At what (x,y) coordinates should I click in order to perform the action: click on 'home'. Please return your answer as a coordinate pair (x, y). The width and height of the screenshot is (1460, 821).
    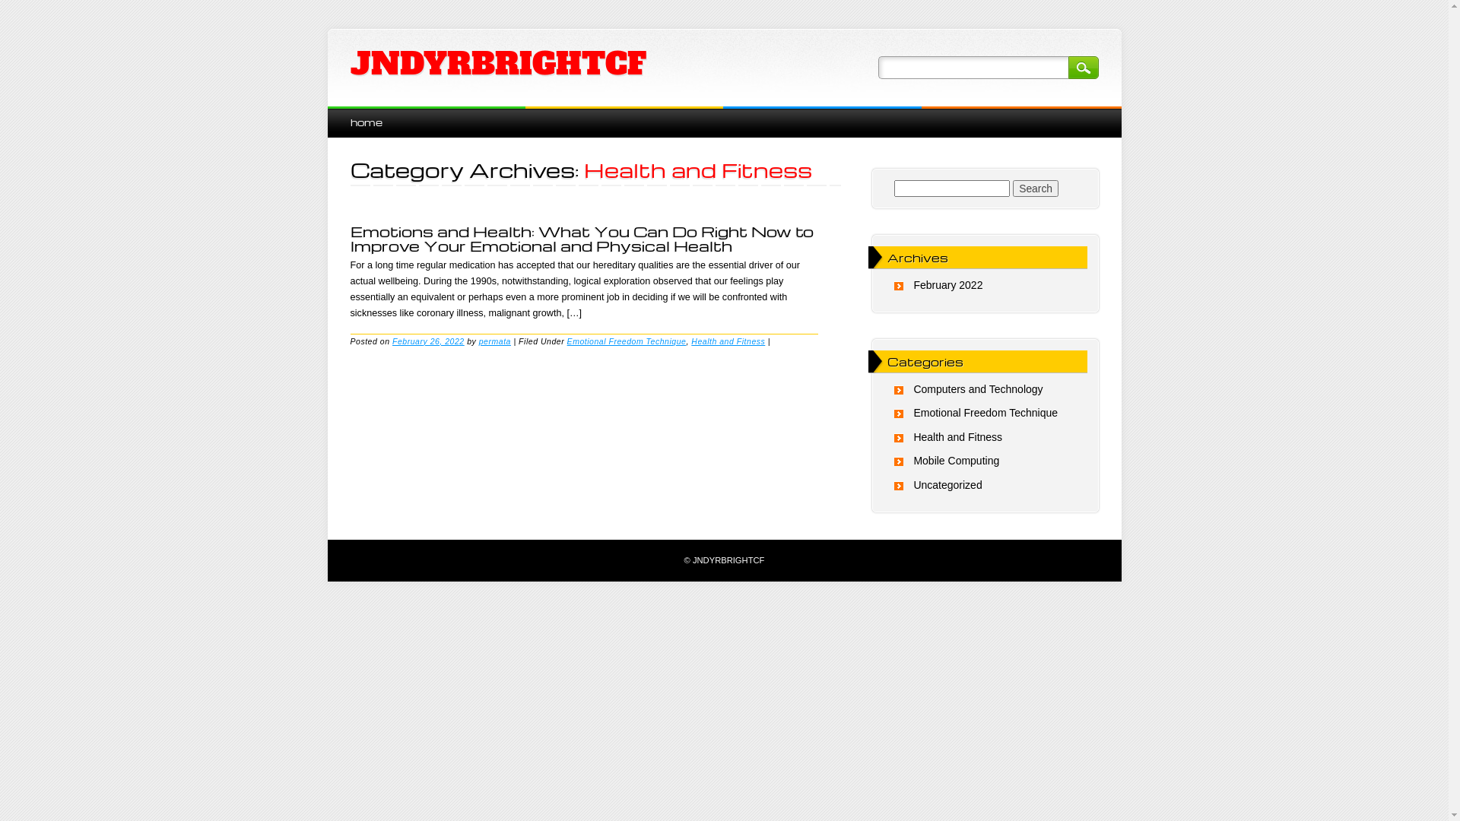
    Looking at the image, I should click on (365, 121).